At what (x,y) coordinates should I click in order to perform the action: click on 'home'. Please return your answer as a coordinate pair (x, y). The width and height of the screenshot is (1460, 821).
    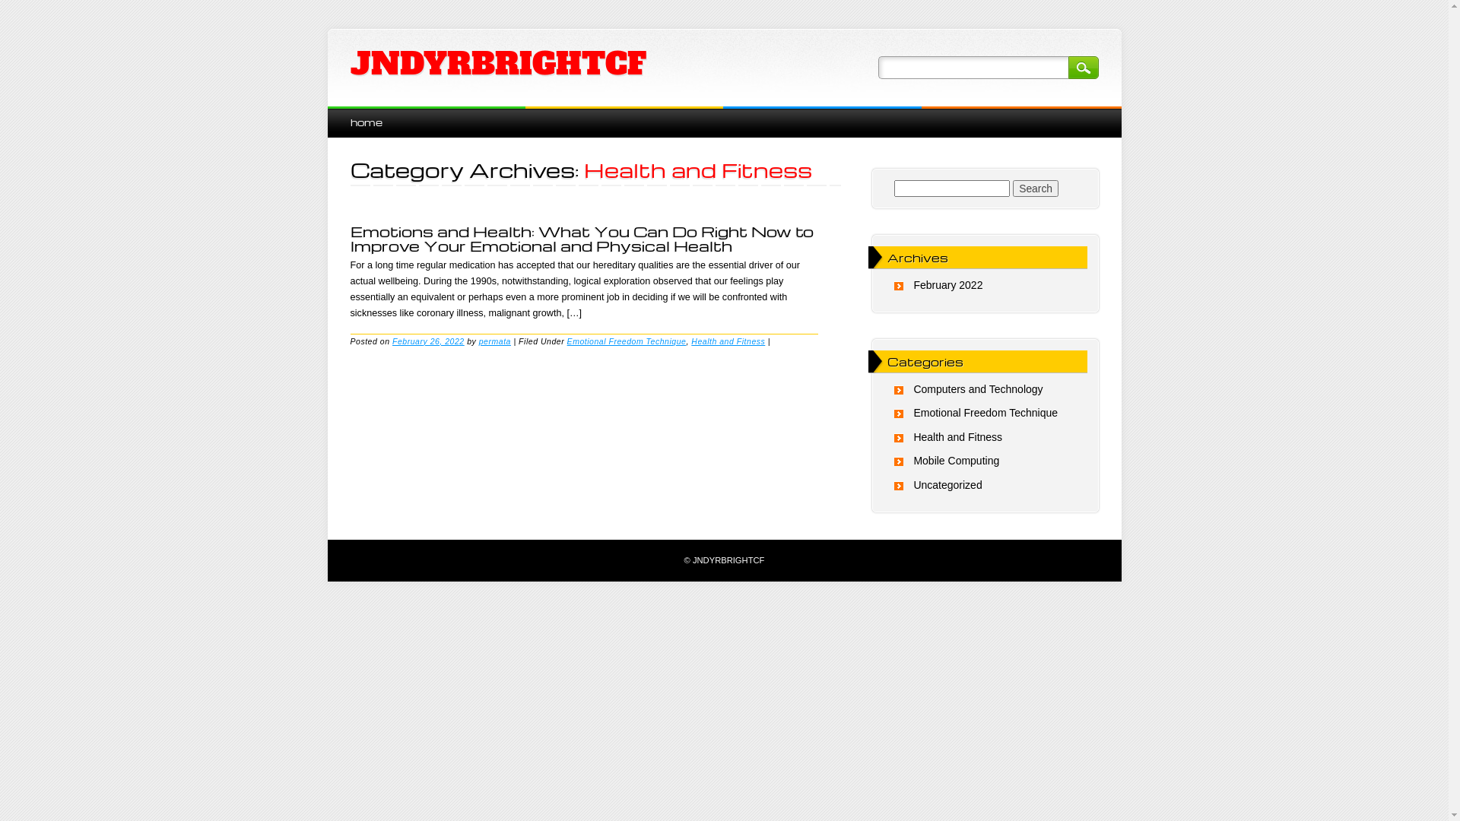
    Looking at the image, I should click on (365, 121).